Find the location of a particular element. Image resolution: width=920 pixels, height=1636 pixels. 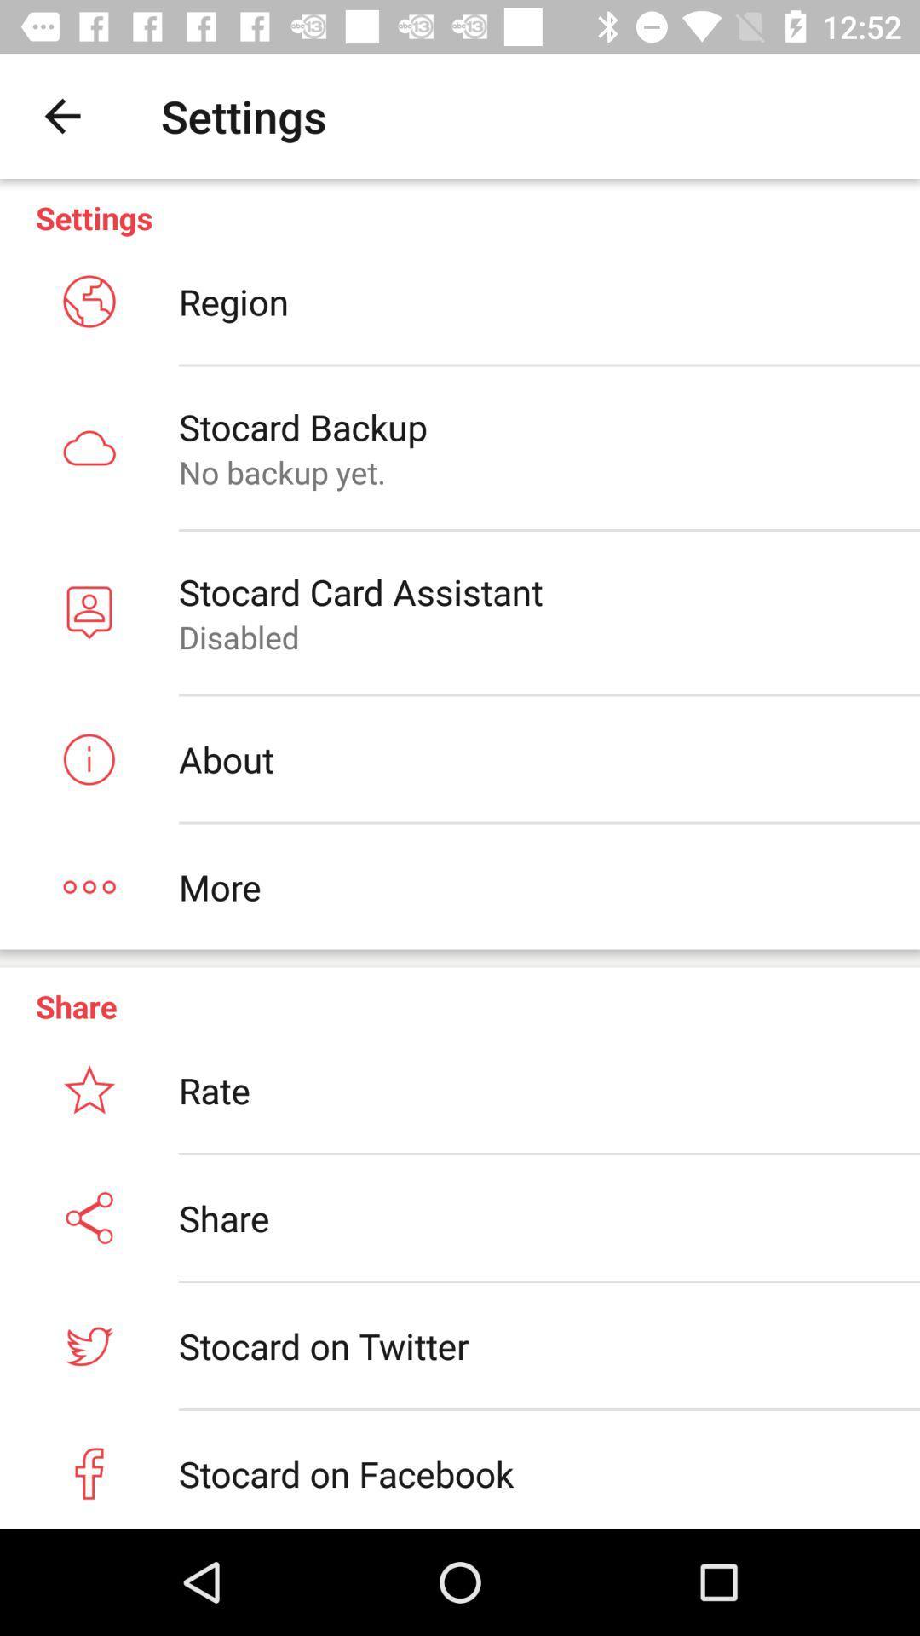

item next to the settings item is located at coordinates (61, 115).